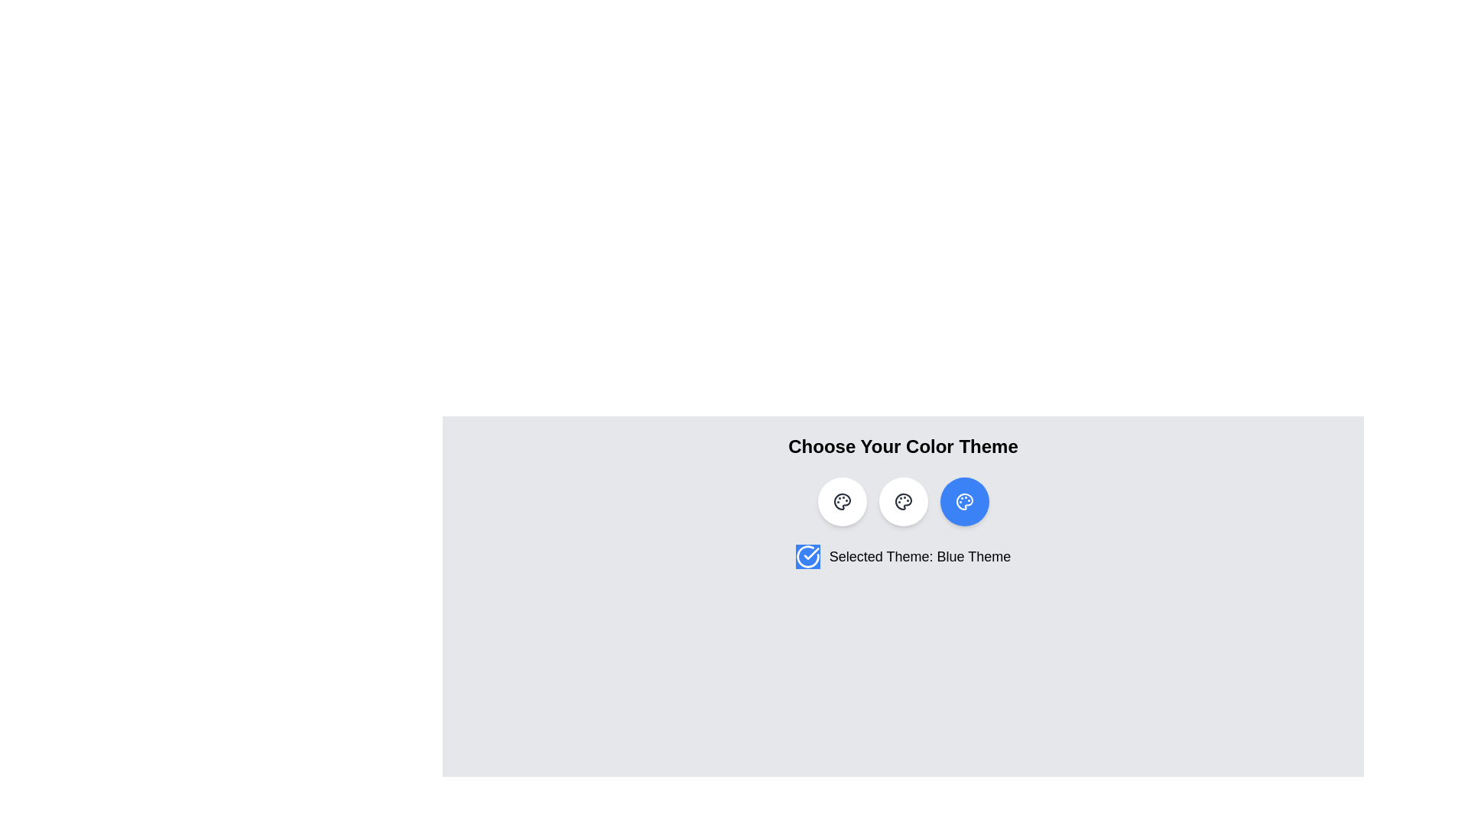 The image size is (1468, 825). Describe the element at coordinates (963, 501) in the screenshot. I see `the color theme blue by clicking on the corresponding button` at that location.